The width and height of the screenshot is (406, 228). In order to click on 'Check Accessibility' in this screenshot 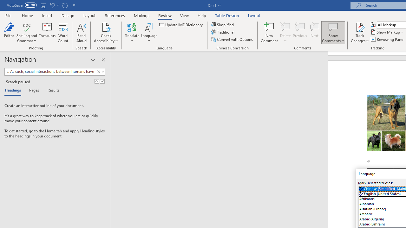, I will do `click(106, 33)`.